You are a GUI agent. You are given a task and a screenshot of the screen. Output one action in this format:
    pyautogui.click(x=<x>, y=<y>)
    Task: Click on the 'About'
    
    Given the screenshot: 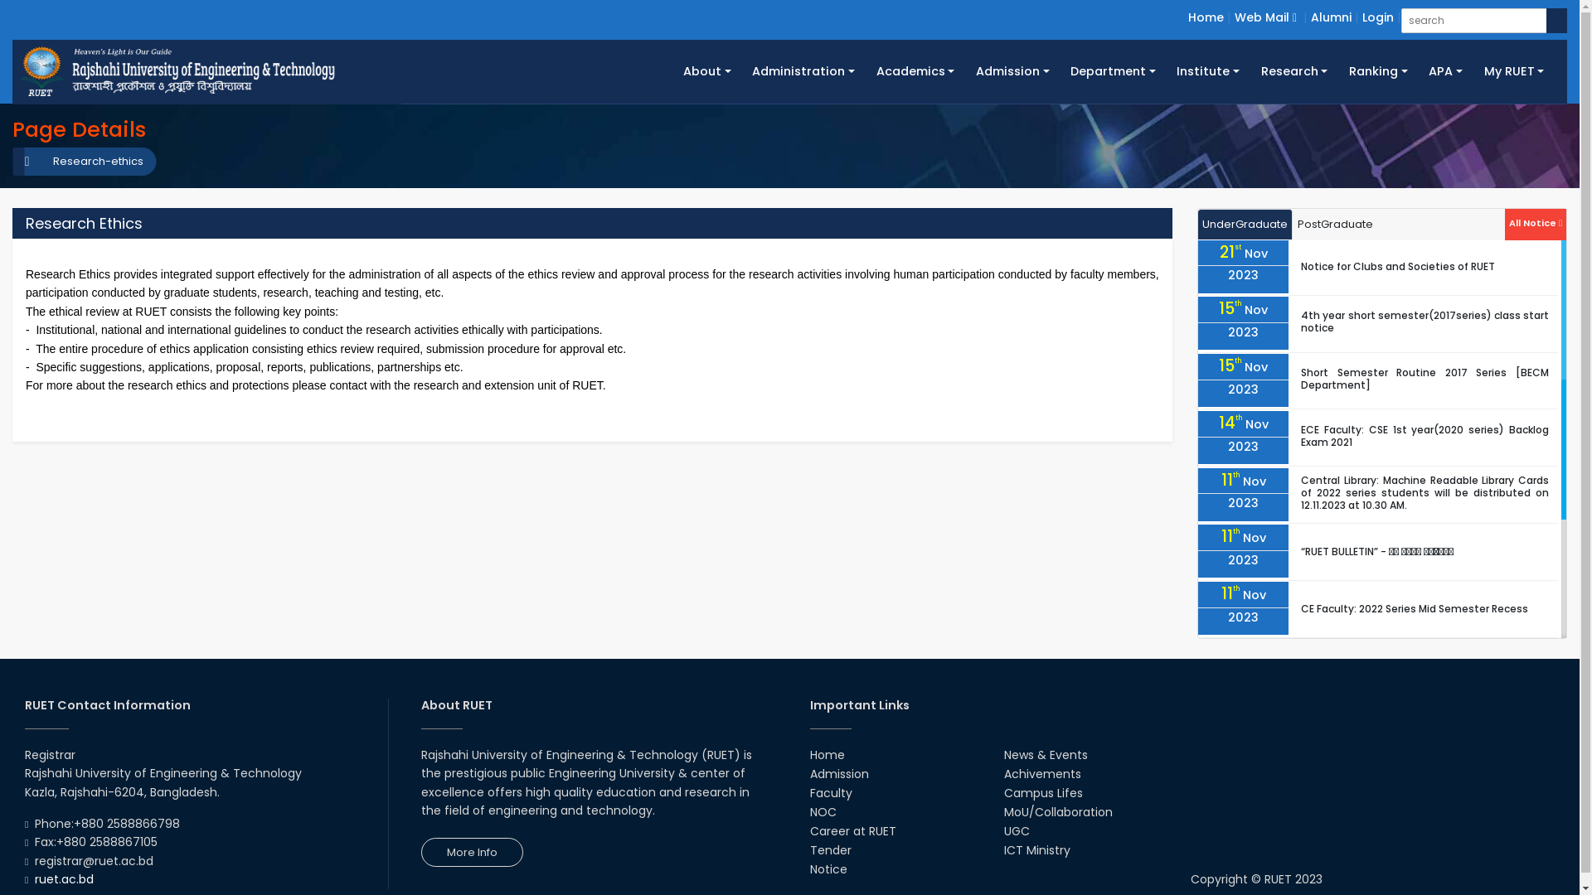 What is the action you would take?
    pyautogui.click(x=672, y=70)
    